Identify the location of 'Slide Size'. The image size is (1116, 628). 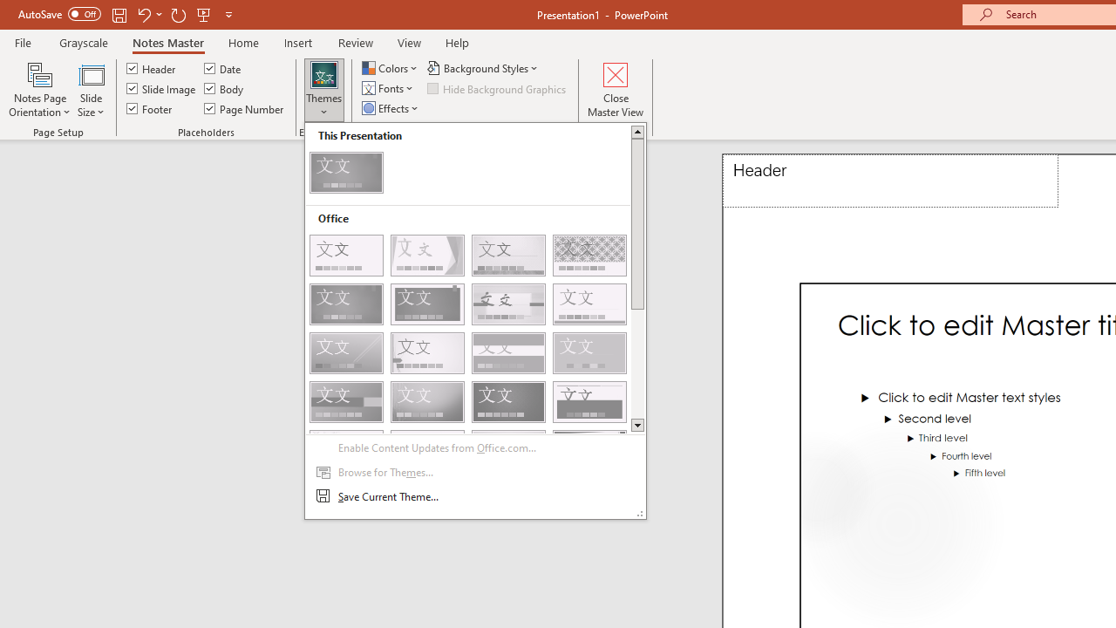
(90, 90).